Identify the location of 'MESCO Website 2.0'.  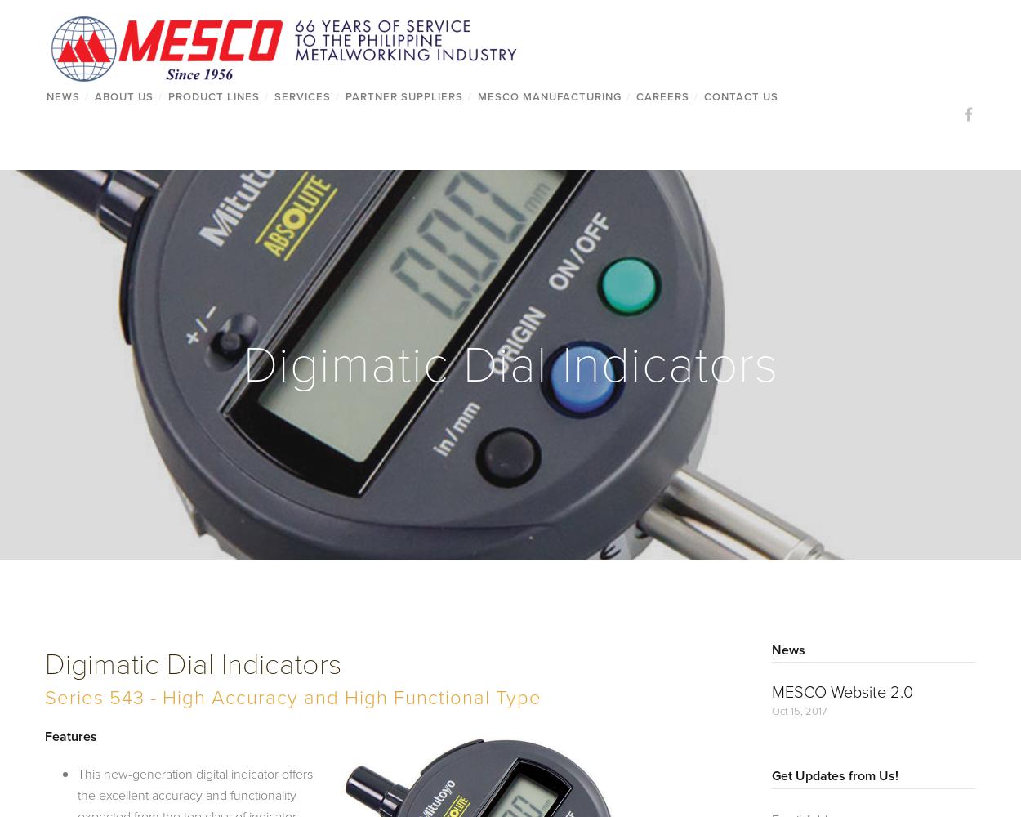
(842, 690).